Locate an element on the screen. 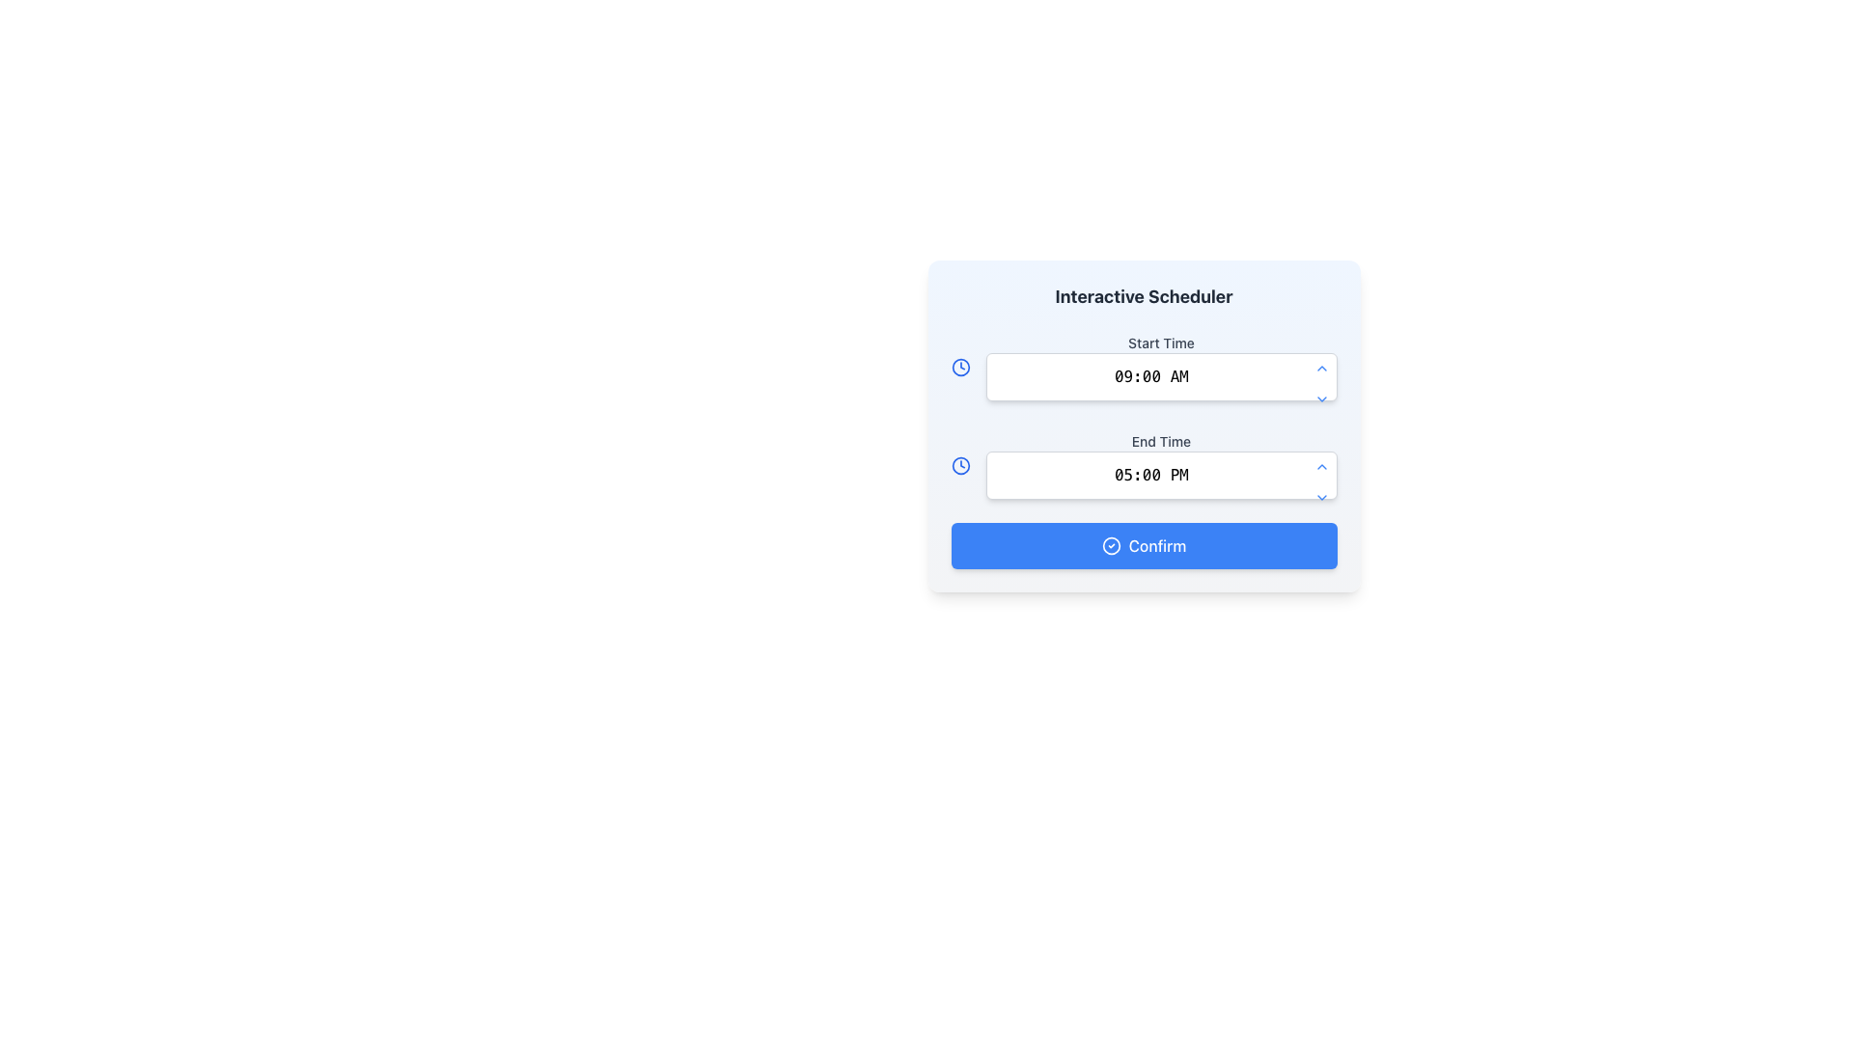 The height and width of the screenshot is (1042, 1853). the blue upward chevron icon located to the right of the 'Start Time' input field for indication is located at coordinates (1320, 368).